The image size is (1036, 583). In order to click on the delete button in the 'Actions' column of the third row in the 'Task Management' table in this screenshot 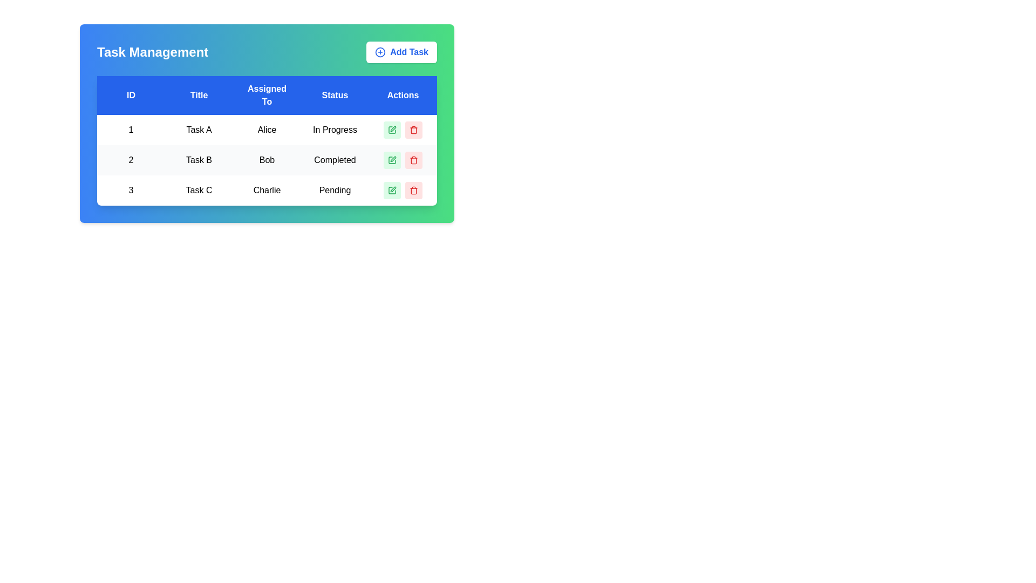, I will do `click(413, 190)`.